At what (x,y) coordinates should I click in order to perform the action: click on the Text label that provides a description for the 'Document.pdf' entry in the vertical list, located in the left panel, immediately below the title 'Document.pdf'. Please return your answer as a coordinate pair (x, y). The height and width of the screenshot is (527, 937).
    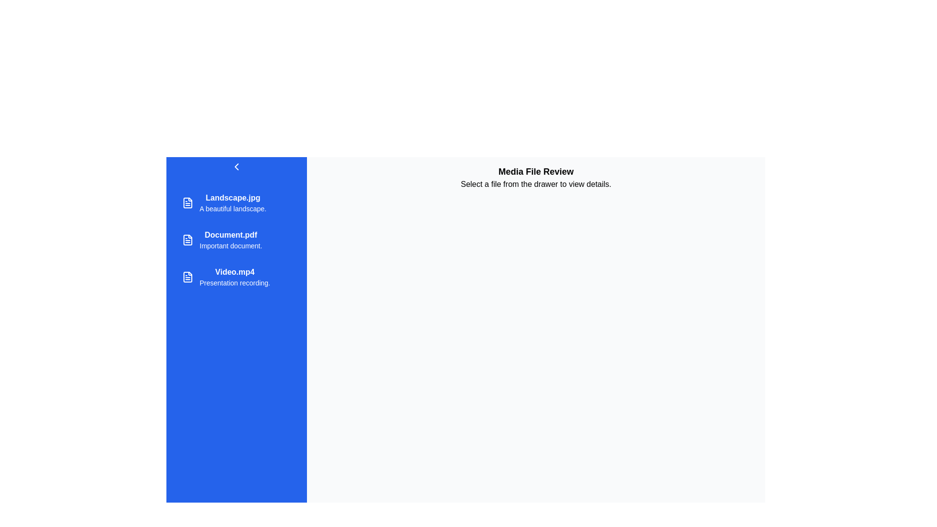
    Looking at the image, I should click on (230, 245).